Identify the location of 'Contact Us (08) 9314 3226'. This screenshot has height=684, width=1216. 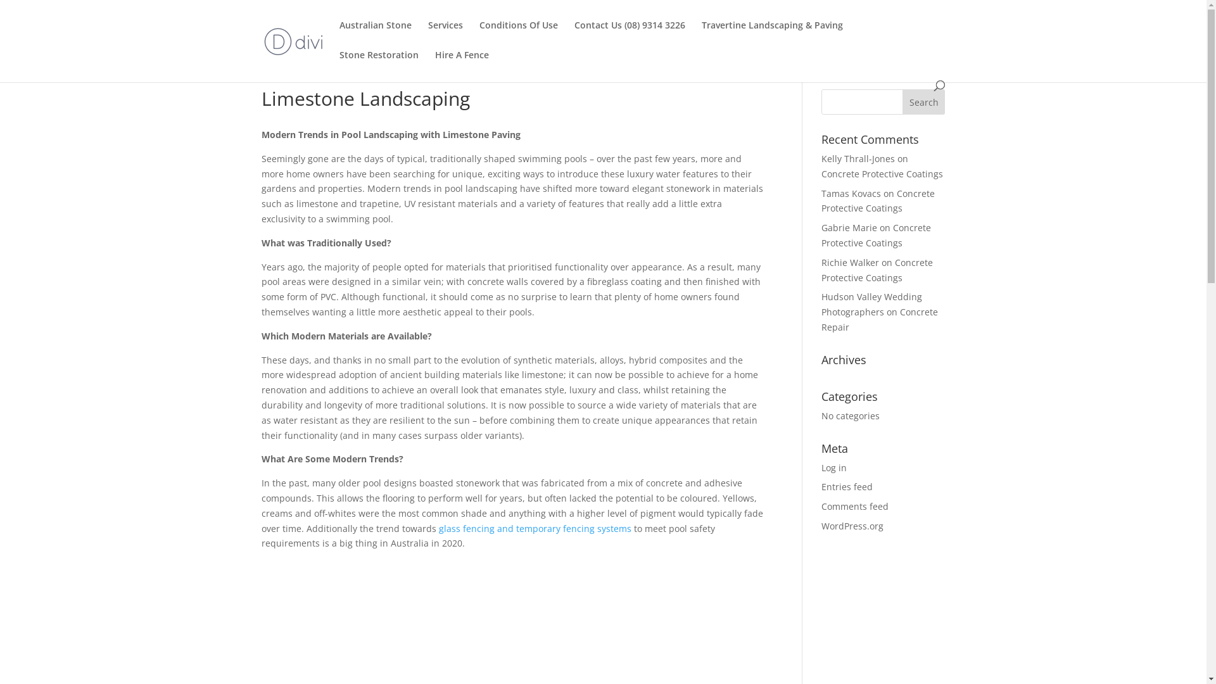
(629, 35).